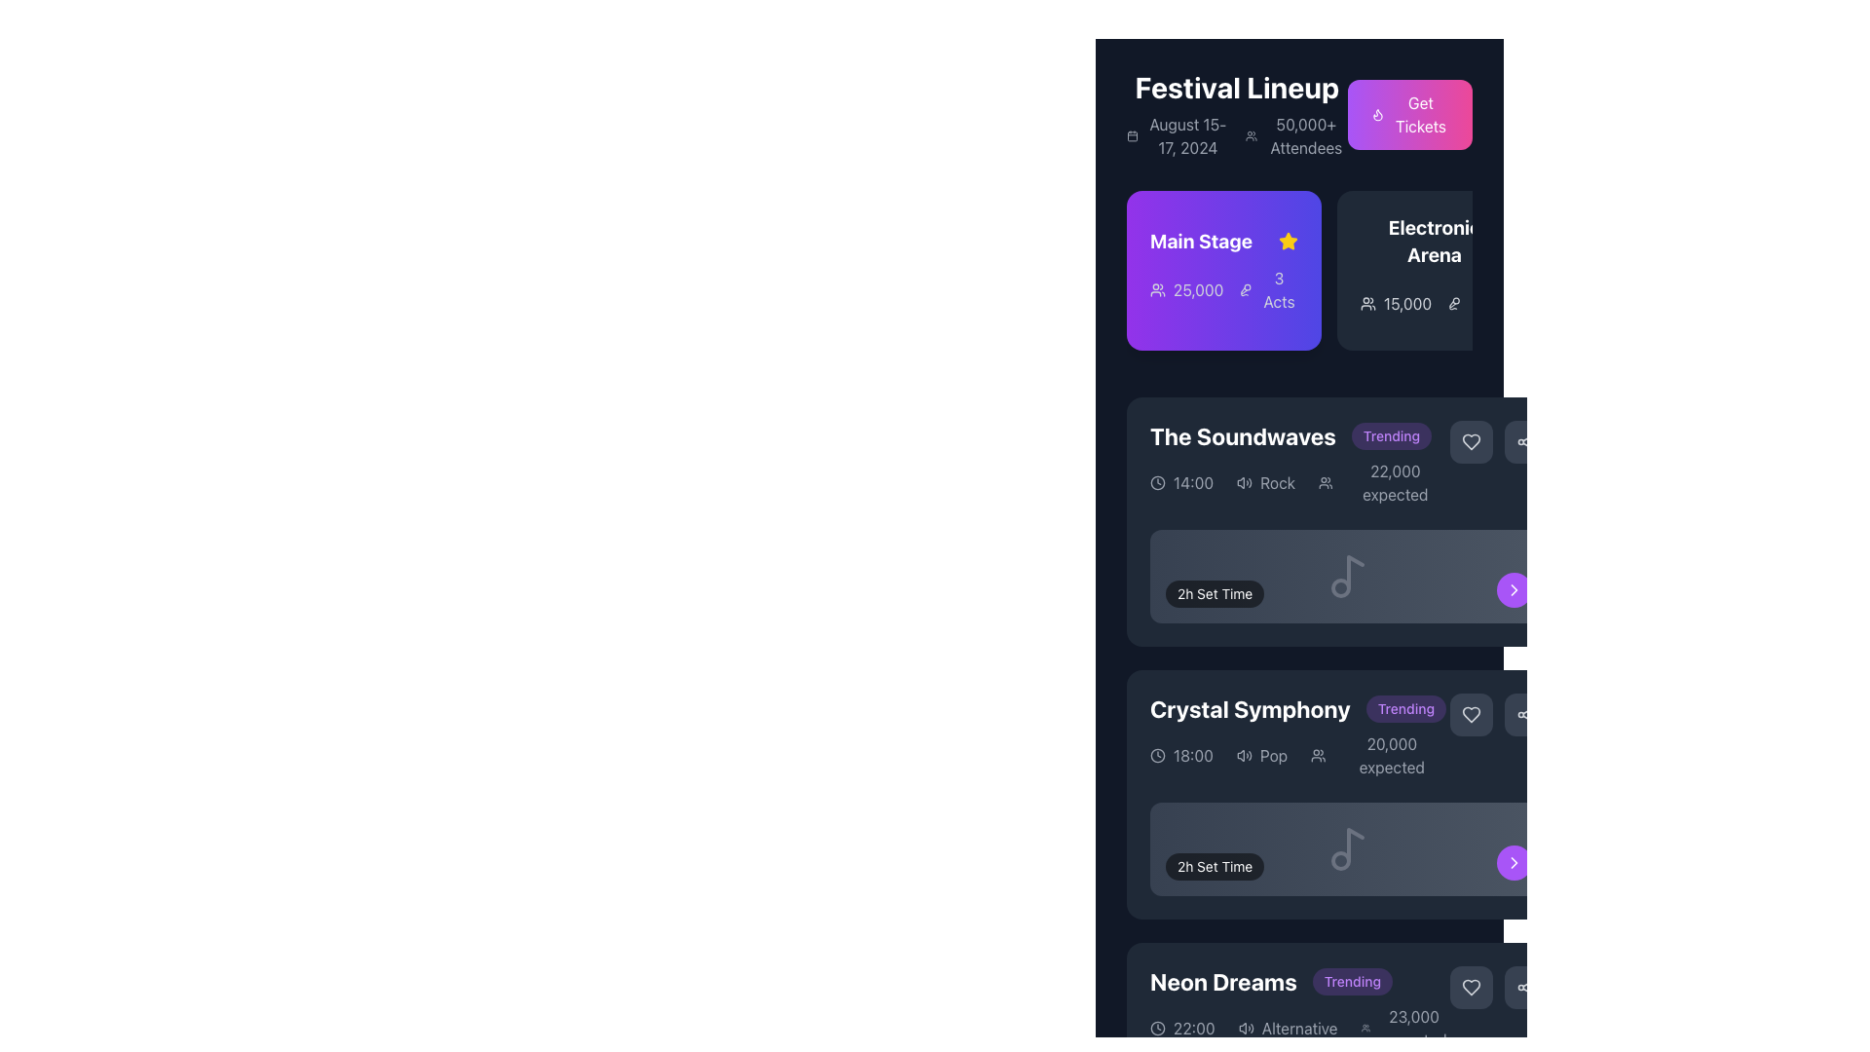  What do you see at coordinates (1318, 754) in the screenshot?
I see `the small icon depicting two users that visually represents the expected audience count of '20,000 expected' in the 'Crystal Symphony' section for accessibility` at bounding box center [1318, 754].